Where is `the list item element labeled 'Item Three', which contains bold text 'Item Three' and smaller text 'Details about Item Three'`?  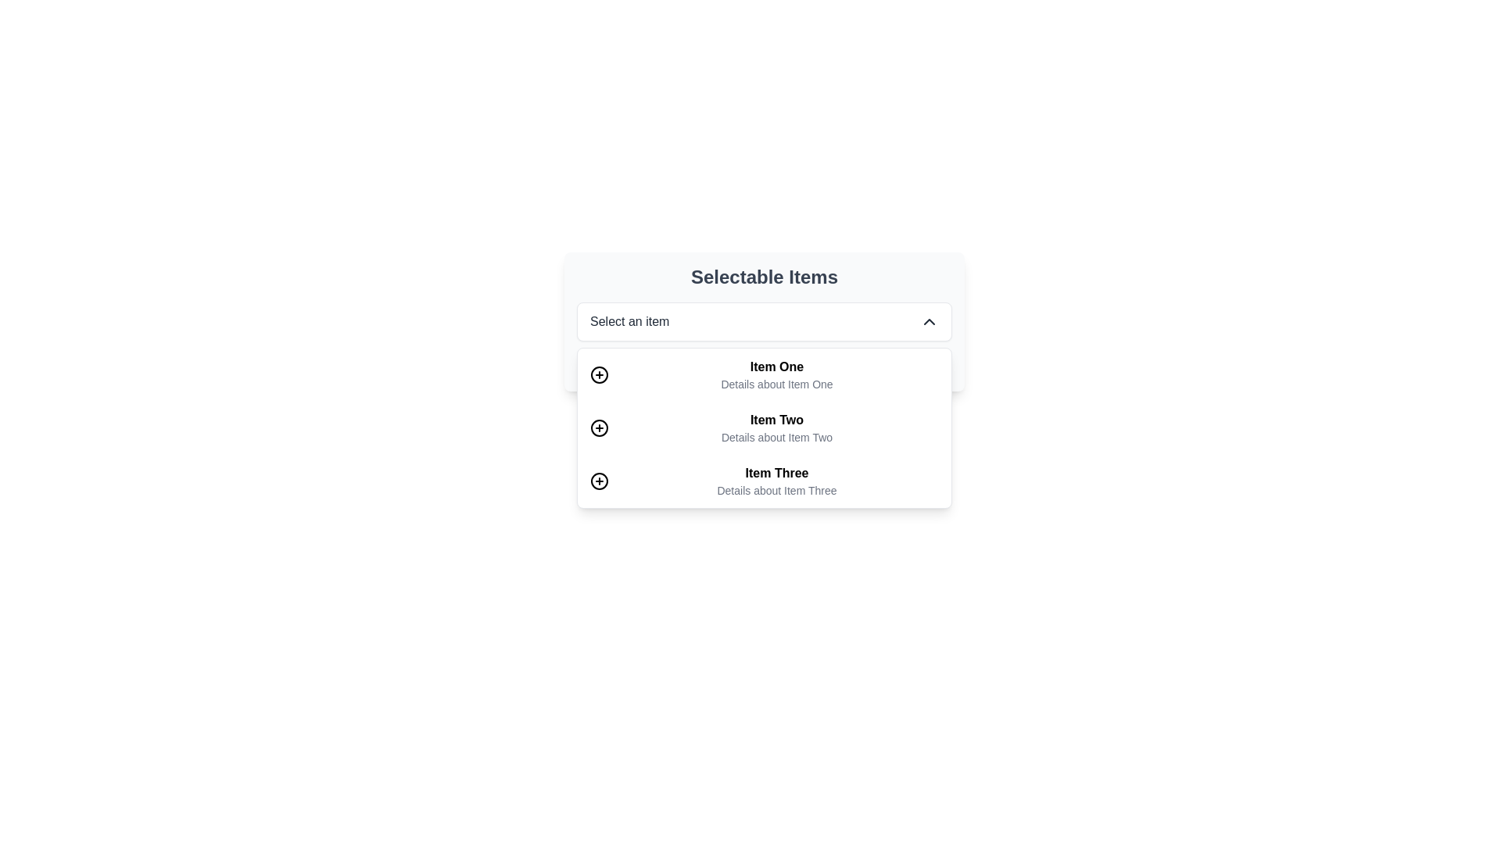 the list item element labeled 'Item Three', which contains bold text 'Item Three' and smaller text 'Details about Item Three' is located at coordinates (776, 481).